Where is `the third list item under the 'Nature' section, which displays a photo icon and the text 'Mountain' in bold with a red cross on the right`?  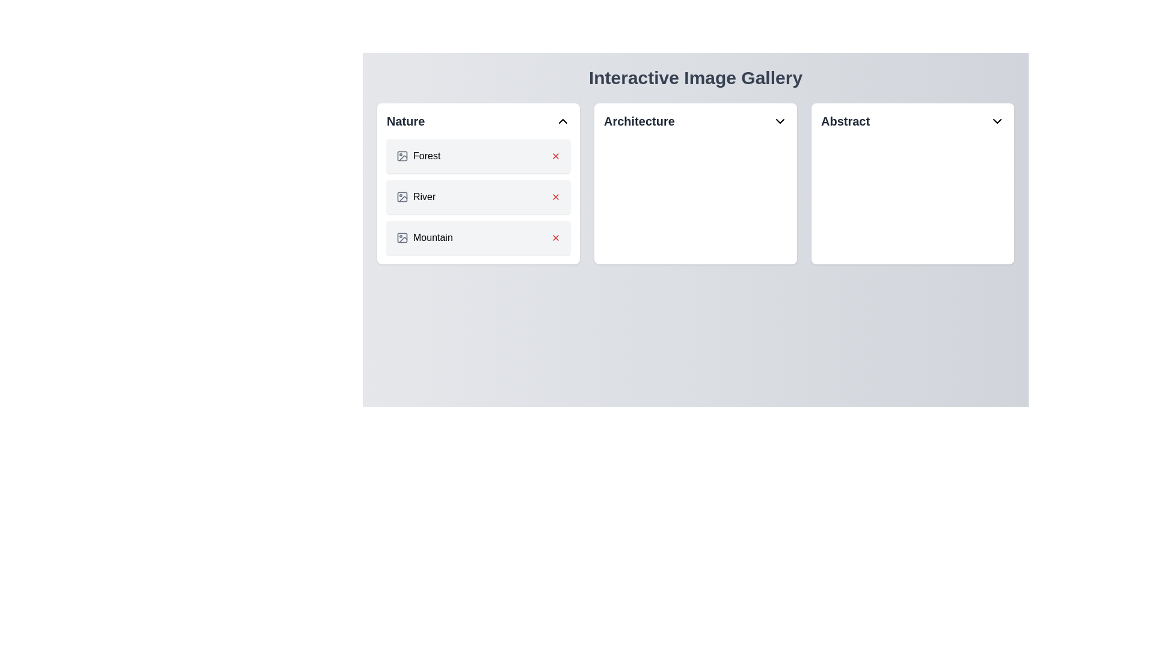
the third list item under the 'Nature' section, which displays a photo icon and the text 'Mountain' in bold with a red cross on the right is located at coordinates (478, 238).